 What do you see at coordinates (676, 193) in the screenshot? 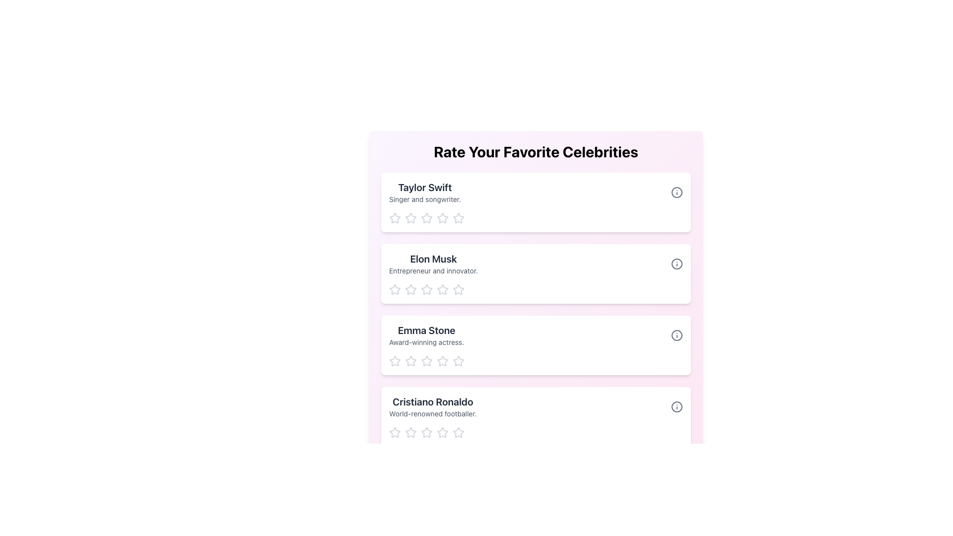
I see `the innermost SVG Circle icon representing information related to the Taylor Swift entry in the celebrity list, located in the top right corner of the row` at bounding box center [676, 193].